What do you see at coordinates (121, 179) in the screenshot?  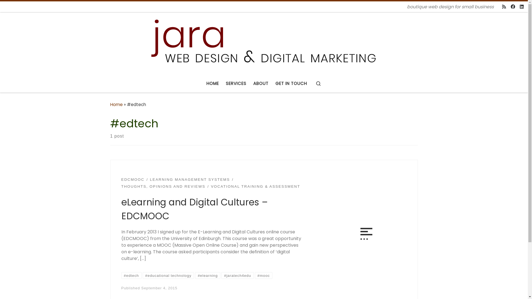 I see `'EDCMOOC'` at bounding box center [121, 179].